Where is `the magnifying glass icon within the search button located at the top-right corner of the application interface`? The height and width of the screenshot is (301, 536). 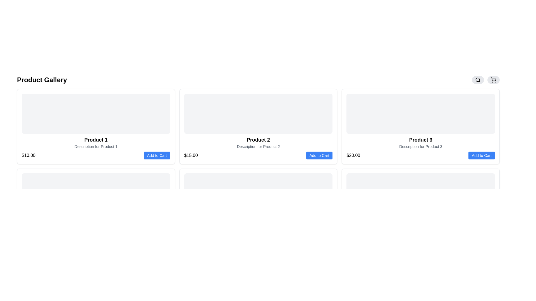
the magnifying glass icon within the search button located at the top-right corner of the application interface is located at coordinates (478, 80).